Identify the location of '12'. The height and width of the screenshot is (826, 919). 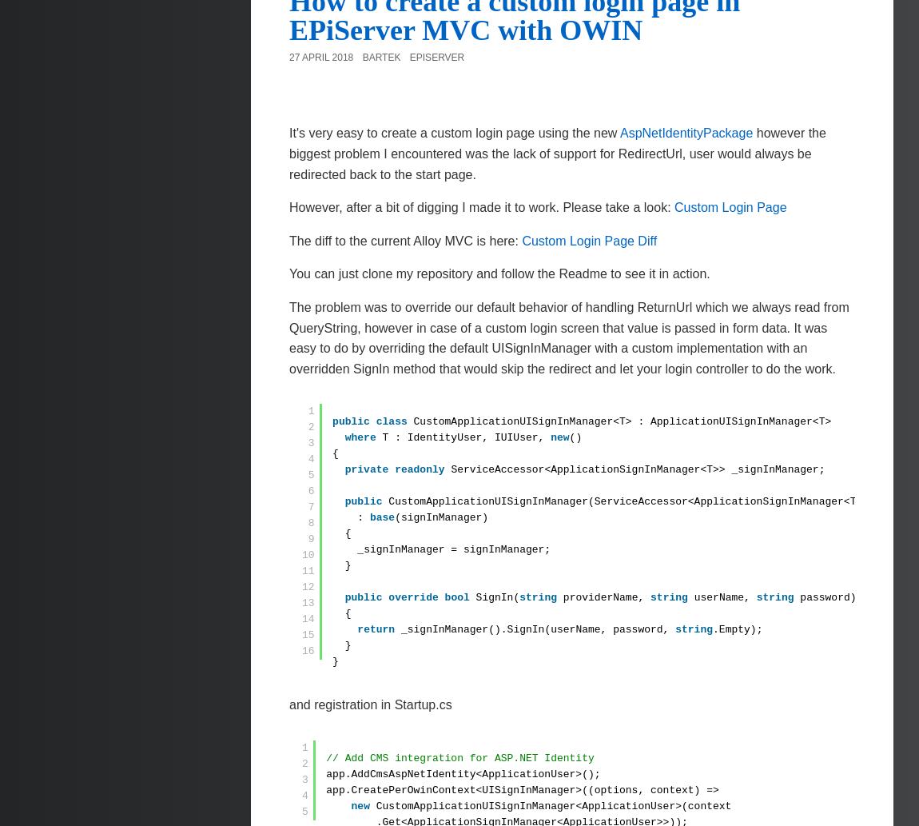
(308, 587).